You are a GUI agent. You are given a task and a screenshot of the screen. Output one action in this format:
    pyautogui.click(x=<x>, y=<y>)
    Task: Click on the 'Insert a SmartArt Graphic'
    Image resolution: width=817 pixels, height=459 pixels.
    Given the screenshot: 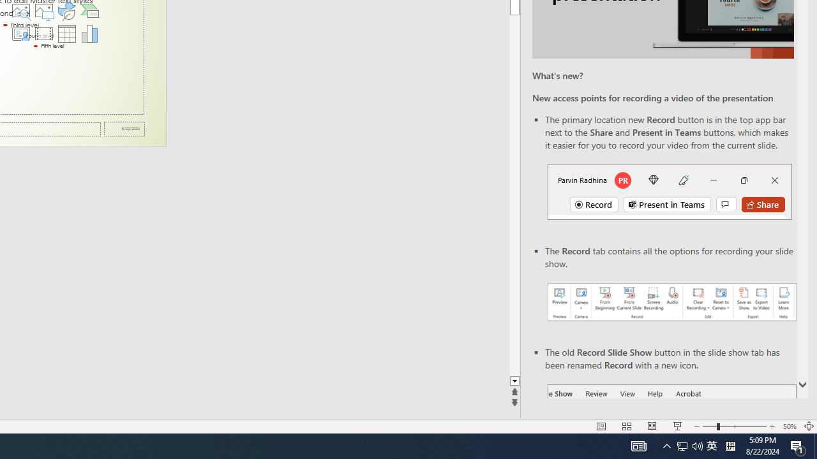 What is the action you would take?
    pyautogui.click(x=89, y=10)
    